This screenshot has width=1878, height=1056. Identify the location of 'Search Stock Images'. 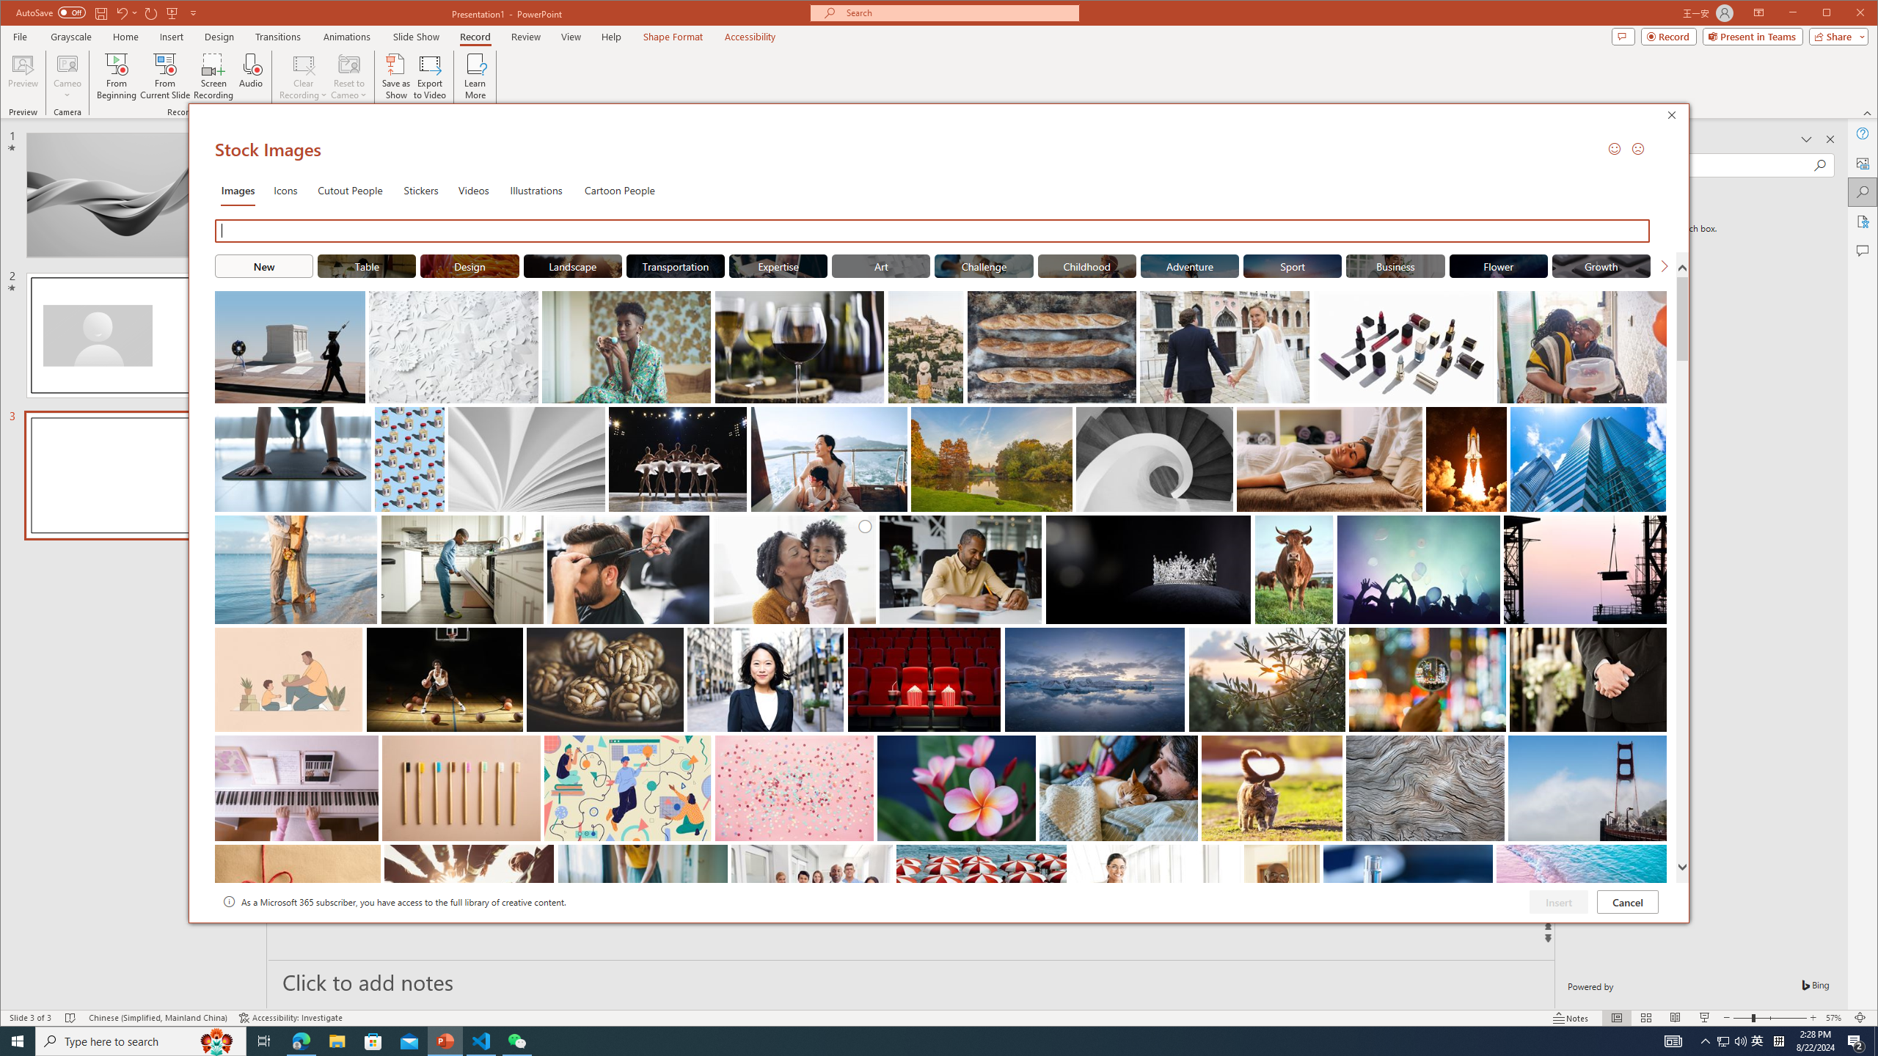
(934, 230).